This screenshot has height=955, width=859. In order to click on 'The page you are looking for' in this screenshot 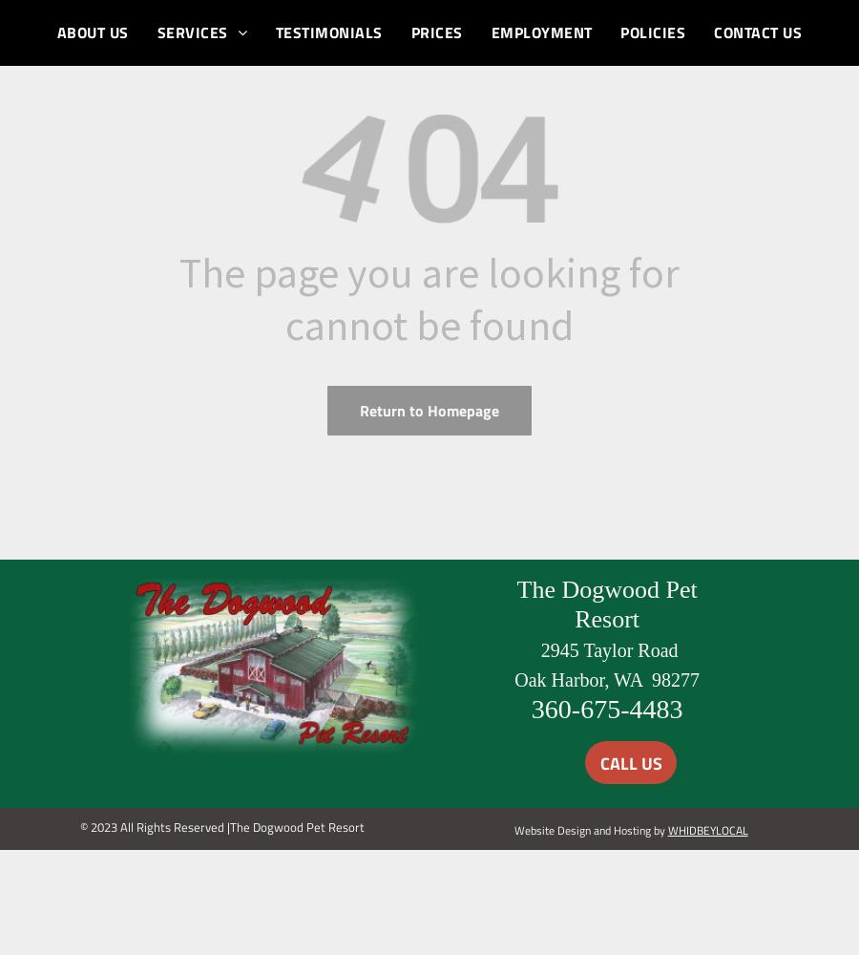, I will do `click(429, 271)`.